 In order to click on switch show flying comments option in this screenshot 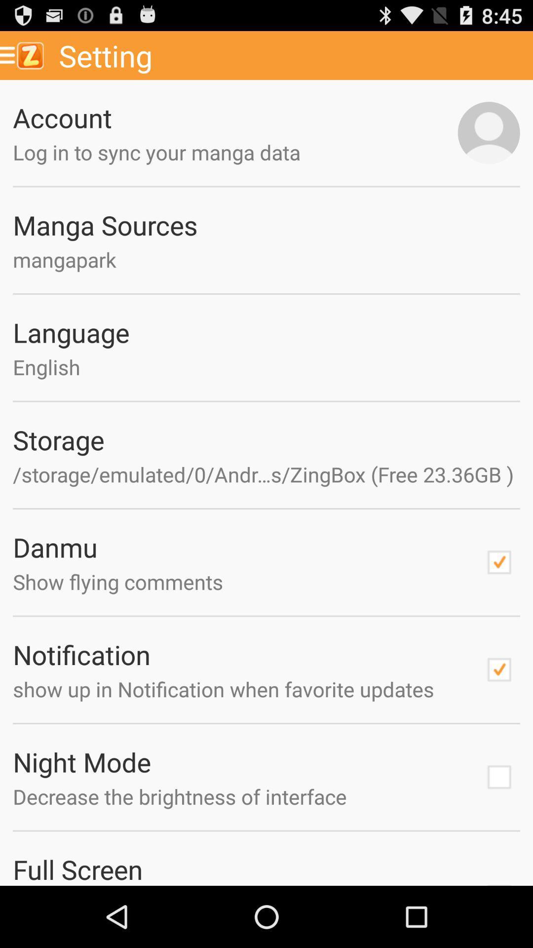, I will do `click(499, 562)`.